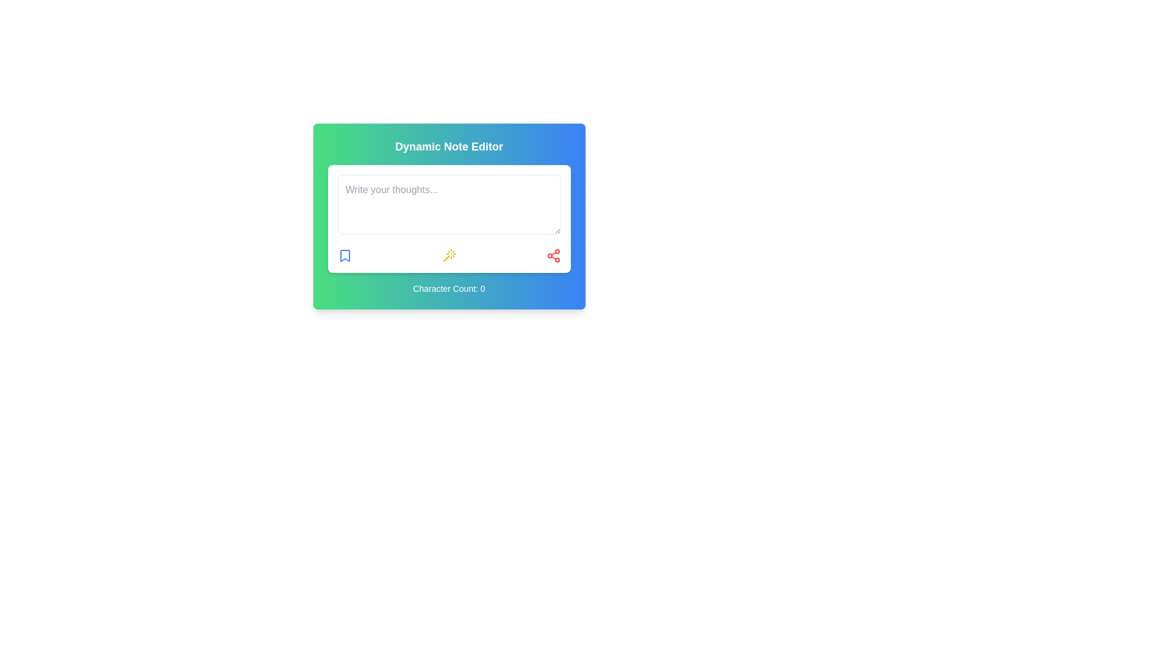 The height and width of the screenshot is (658, 1171). I want to click on the central magic wand icon with a sparkle effect located at the bottom of the note editor card, so click(448, 255).